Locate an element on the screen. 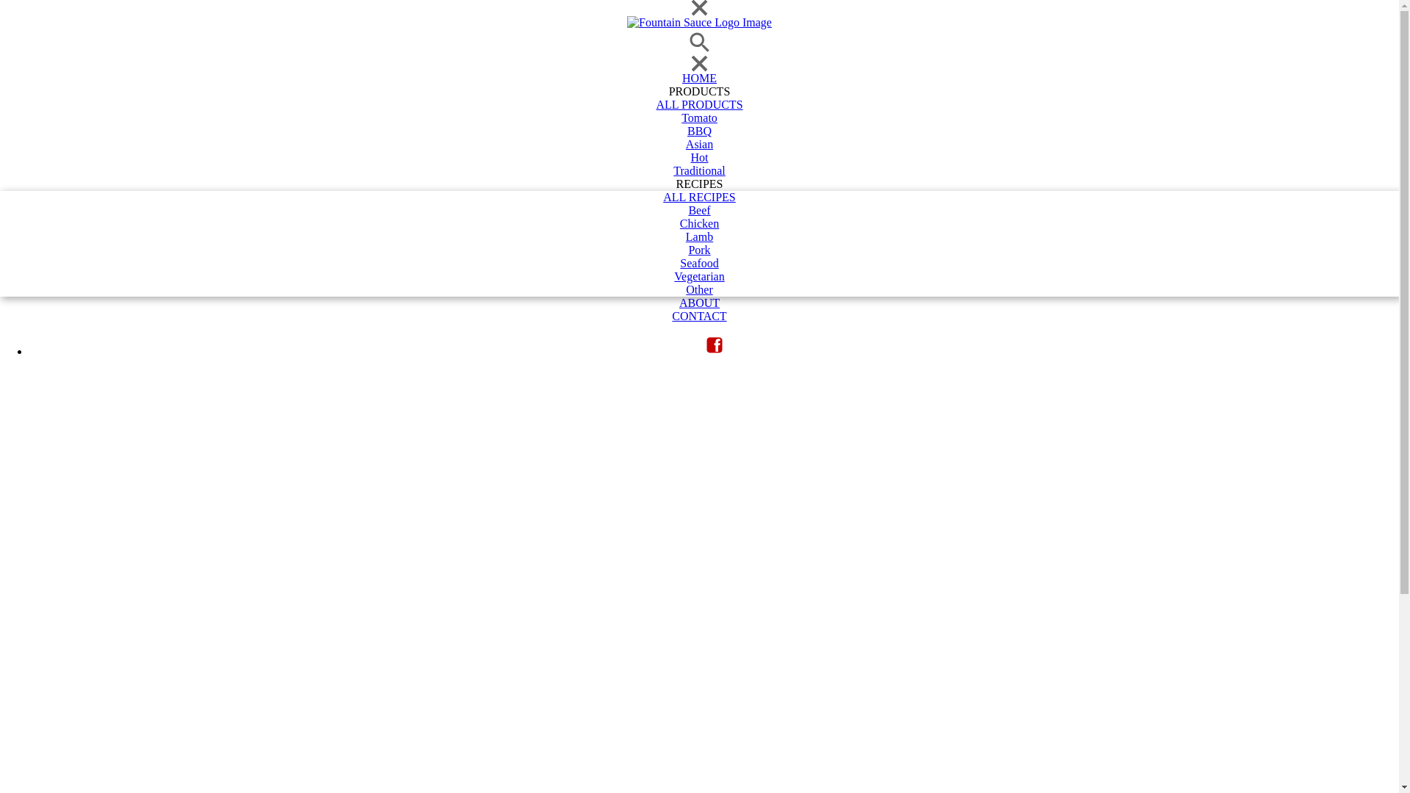 The image size is (1410, 793). 'Seafood' is located at coordinates (698, 262).